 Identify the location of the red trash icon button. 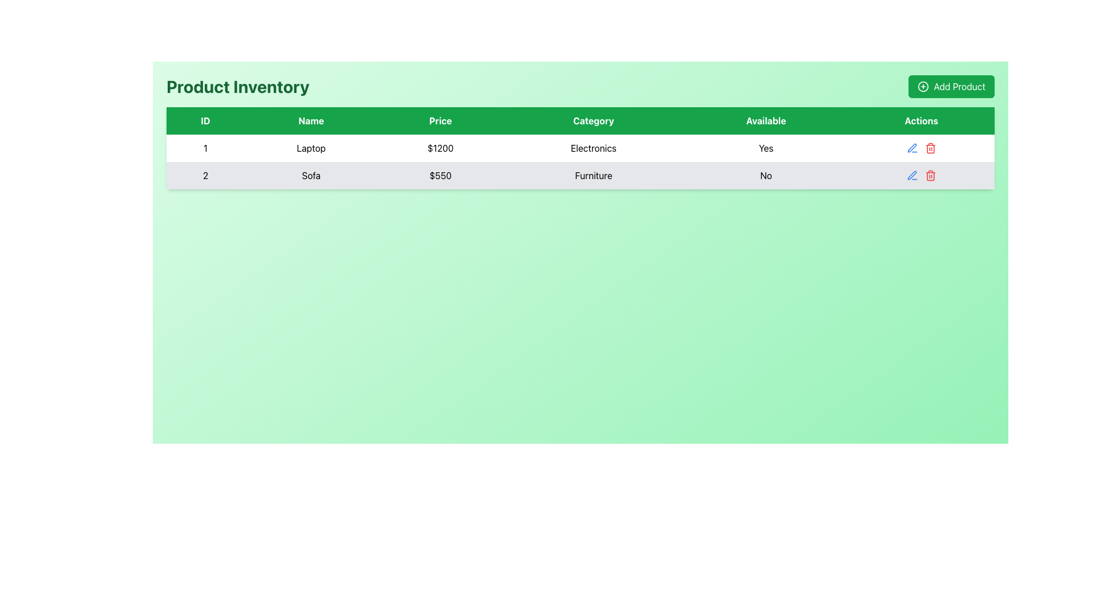
(930, 147).